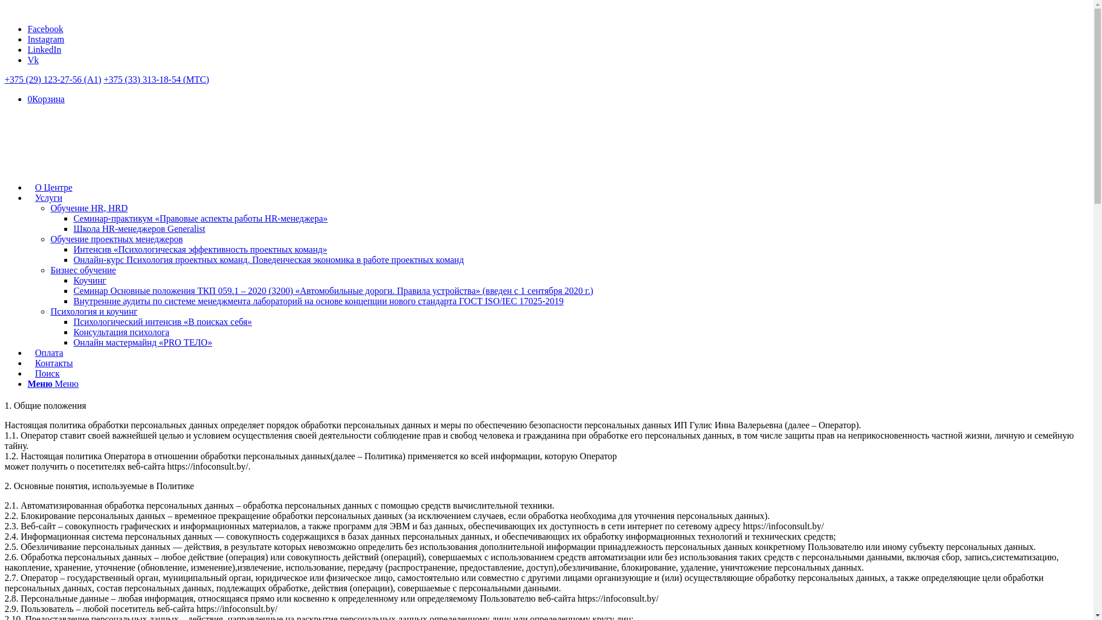 This screenshot has height=620, width=1102. Describe the element at coordinates (44, 49) in the screenshot. I see `'LinkedIn'` at that location.